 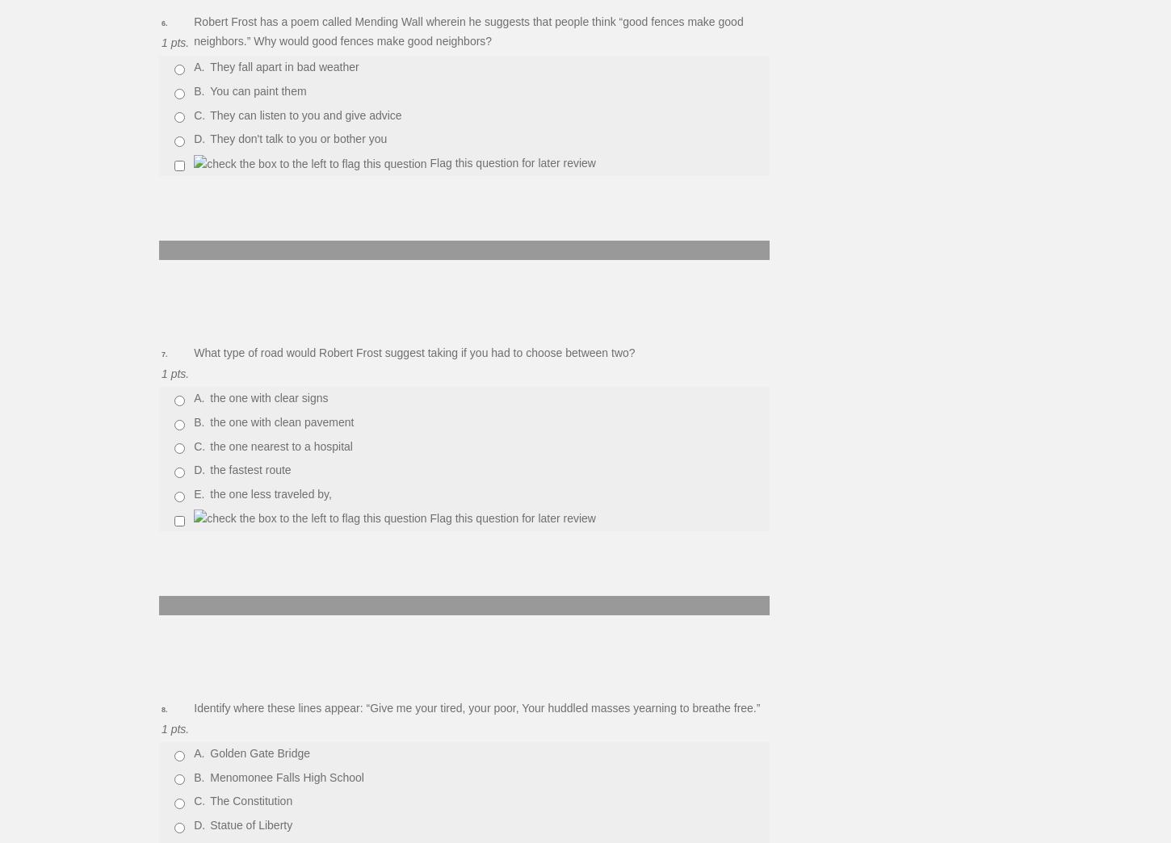 I want to click on 'They fall apart in bad weather', so click(x=284, y=66).